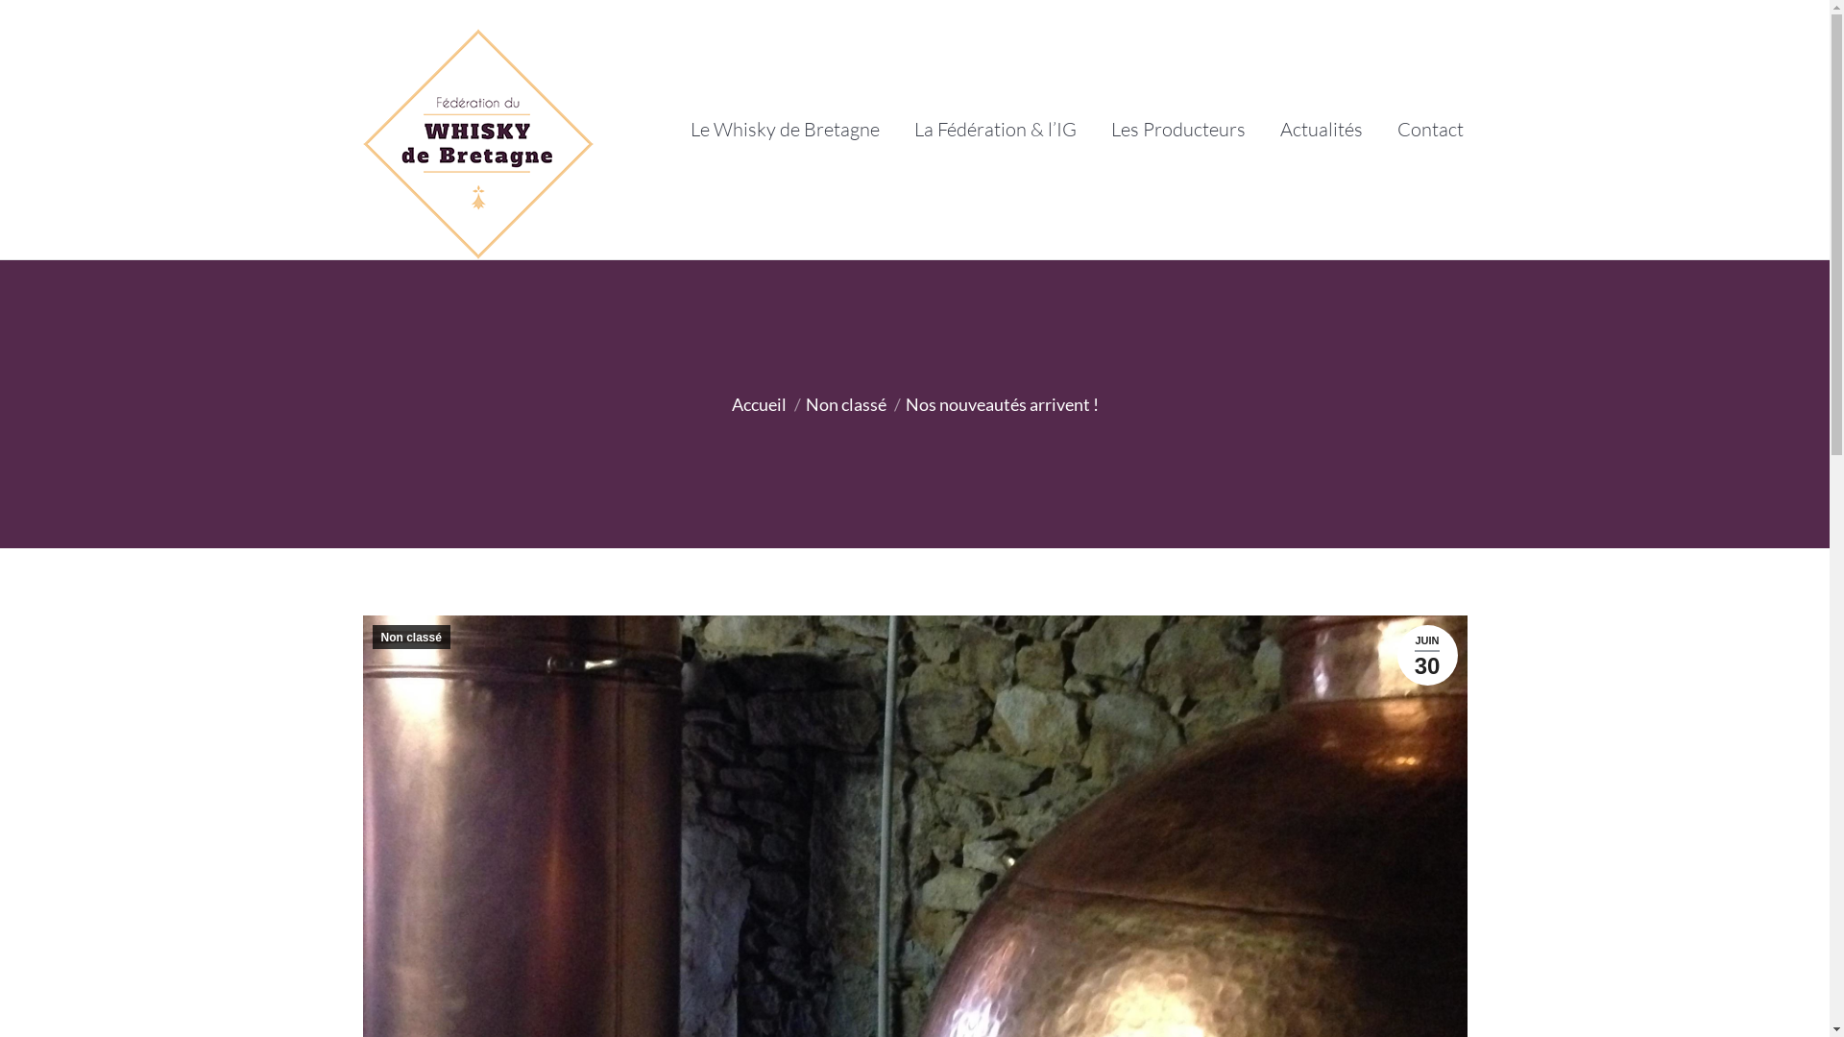 This screenshot has height=1037, width=1844. What do you see at coordinates (1429, 130) in the screenshot?
I see `'Contact'` at bounding box center [1429, 130].